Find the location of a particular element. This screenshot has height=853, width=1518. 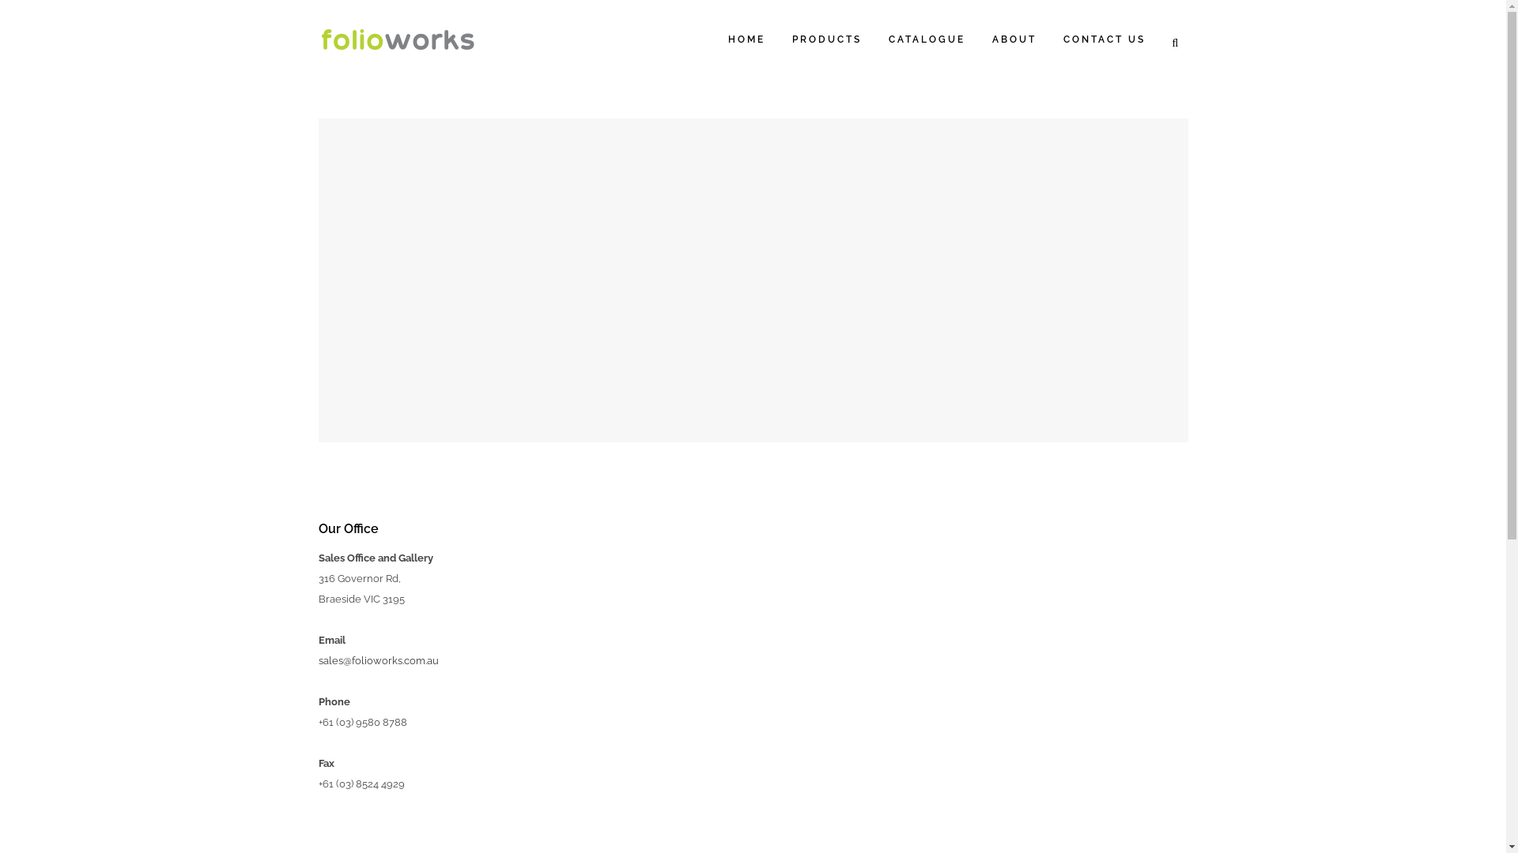

'ABOUT' is located at coordinates (1014, 39).